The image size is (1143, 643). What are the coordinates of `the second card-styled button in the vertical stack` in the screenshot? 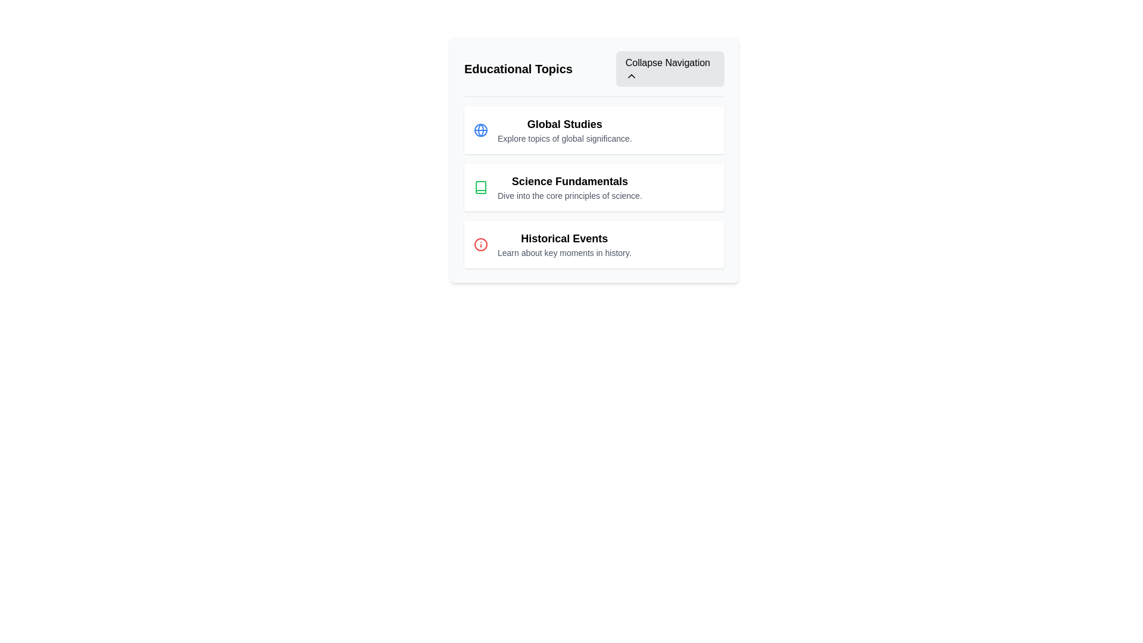 It's located at (594, 188).